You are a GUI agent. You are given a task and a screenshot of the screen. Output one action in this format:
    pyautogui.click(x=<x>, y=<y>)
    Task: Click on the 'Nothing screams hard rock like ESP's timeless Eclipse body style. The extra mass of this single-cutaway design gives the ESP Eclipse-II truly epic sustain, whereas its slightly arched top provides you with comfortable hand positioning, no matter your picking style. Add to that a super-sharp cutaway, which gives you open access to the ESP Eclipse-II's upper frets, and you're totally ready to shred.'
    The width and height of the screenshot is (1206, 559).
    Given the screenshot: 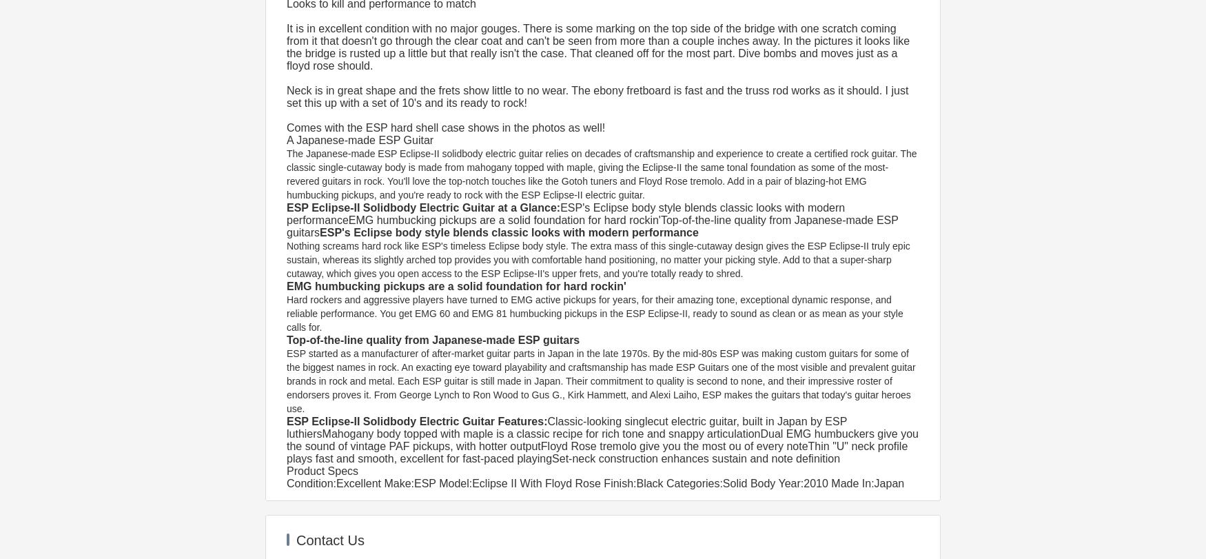 What is the action you would take?
    pyautogui.click(x=599, y=260)
    